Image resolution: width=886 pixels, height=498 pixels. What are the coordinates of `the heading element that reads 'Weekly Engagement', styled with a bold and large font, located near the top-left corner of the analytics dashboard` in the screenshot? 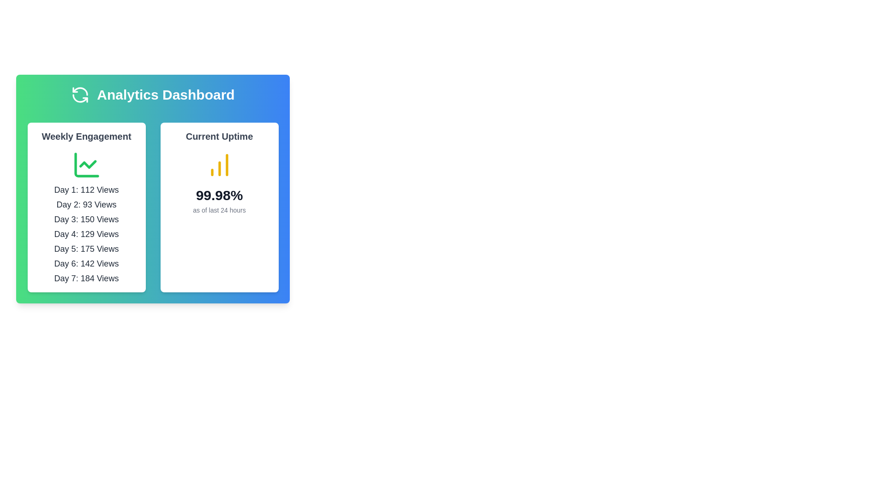 It's located at (86, 136).